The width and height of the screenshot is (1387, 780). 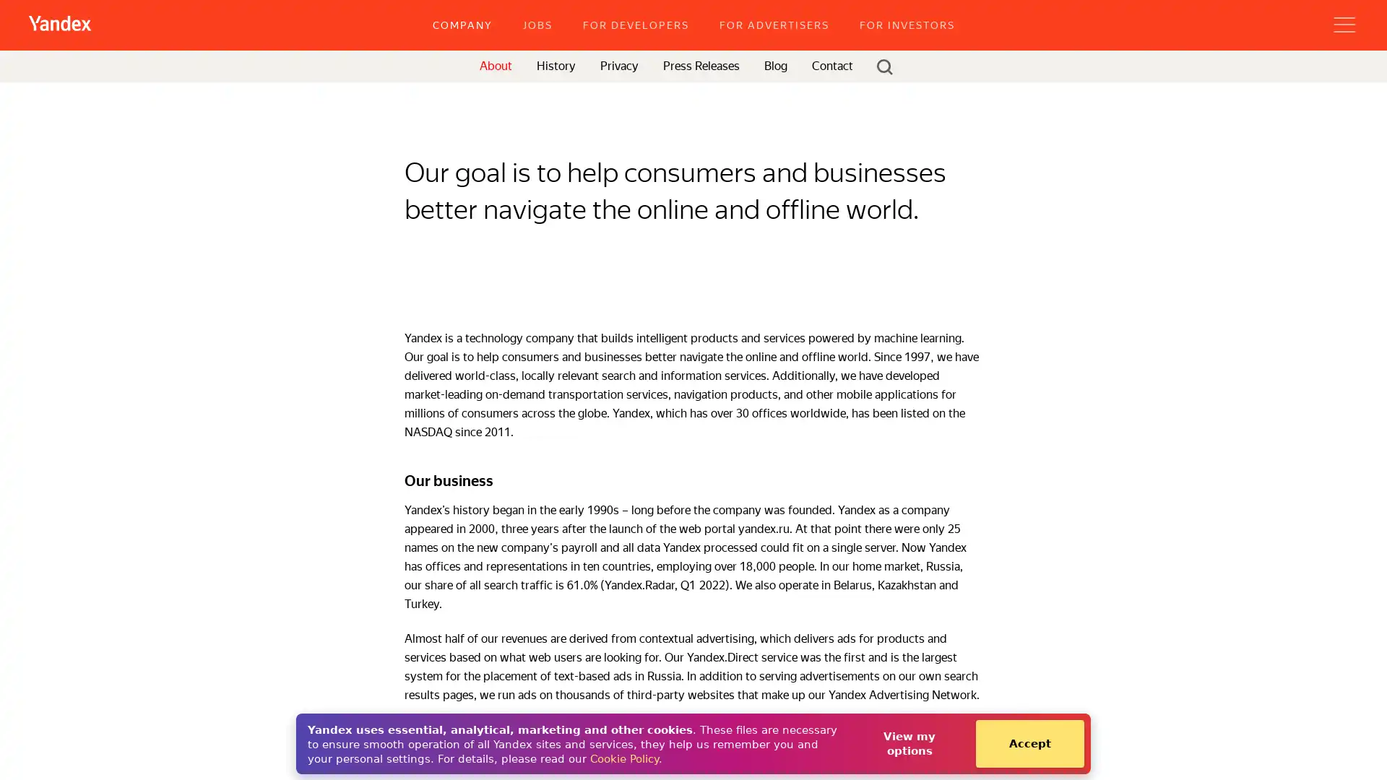 I want to click on Accept, so click(x=1029, y=743).